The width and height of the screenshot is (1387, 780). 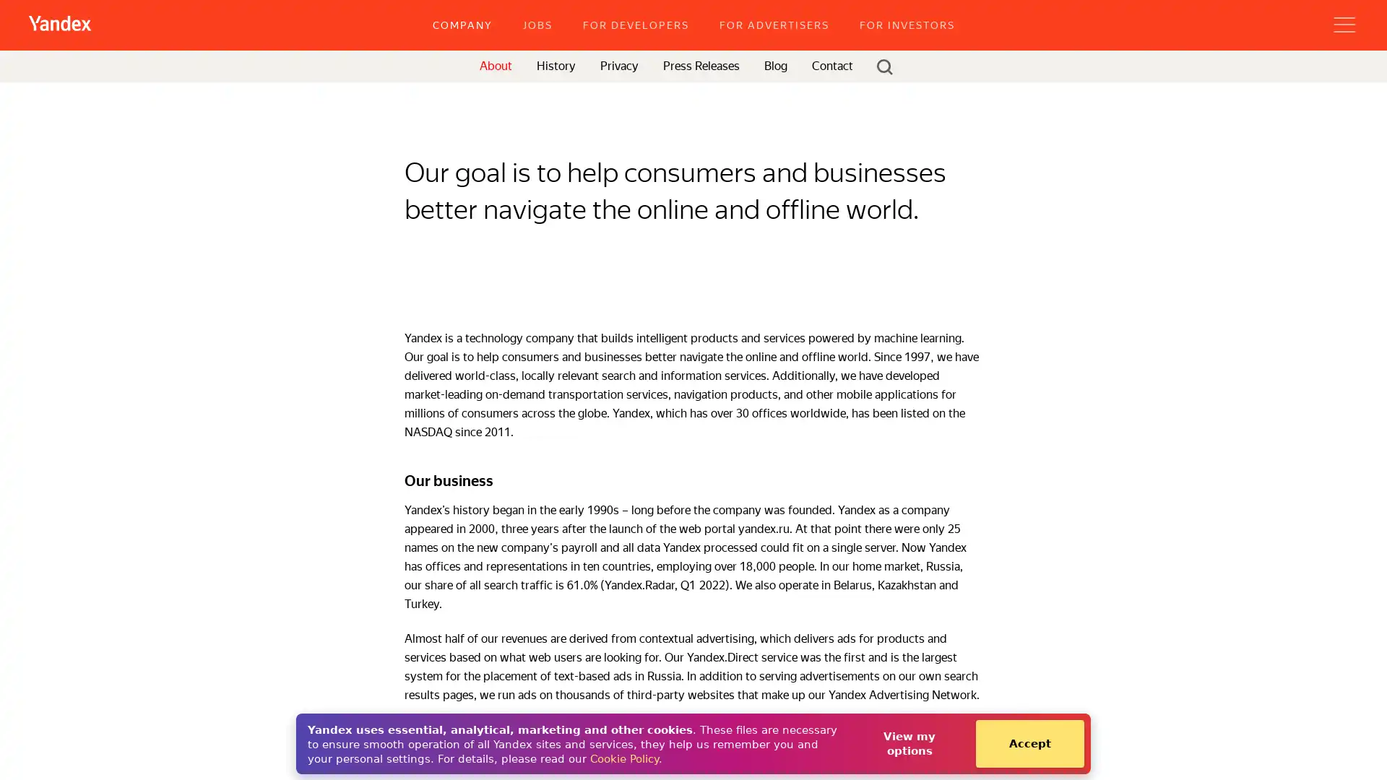 I want to click on Accept, so click(x=1029, y=743).